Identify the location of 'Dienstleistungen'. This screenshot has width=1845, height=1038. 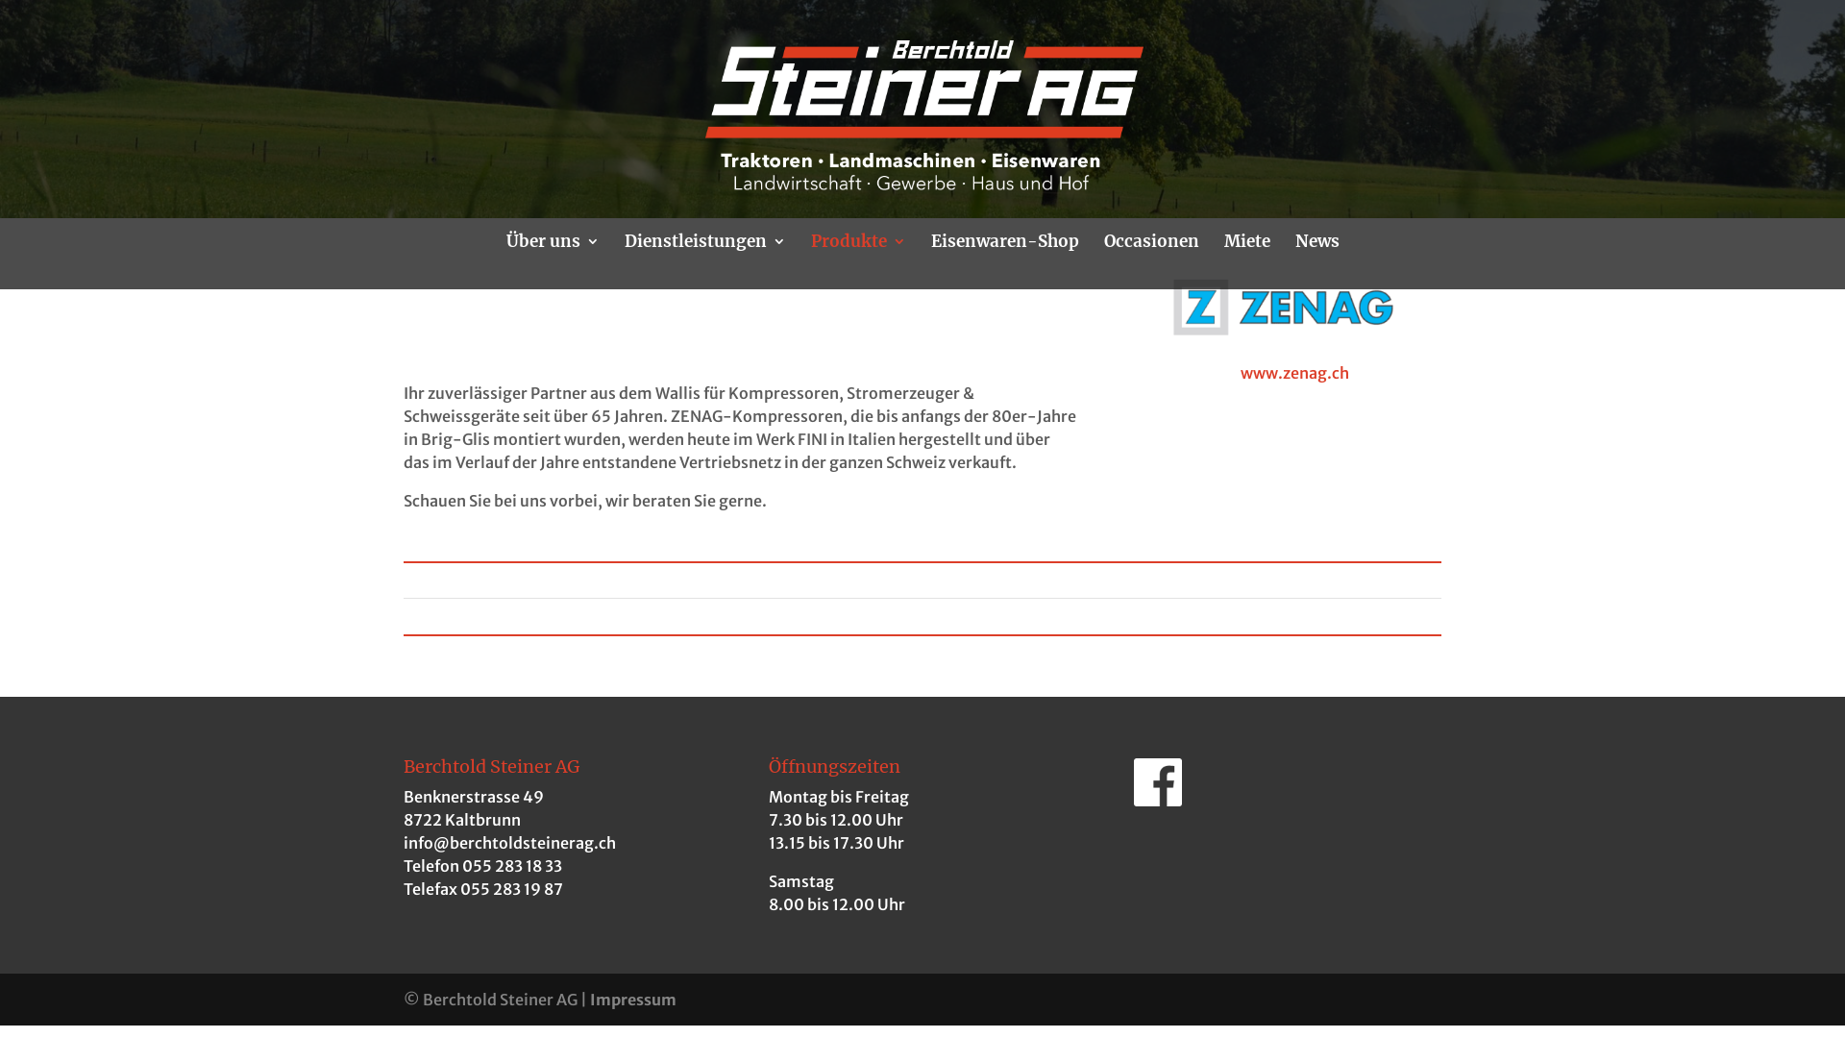
(704, 261).